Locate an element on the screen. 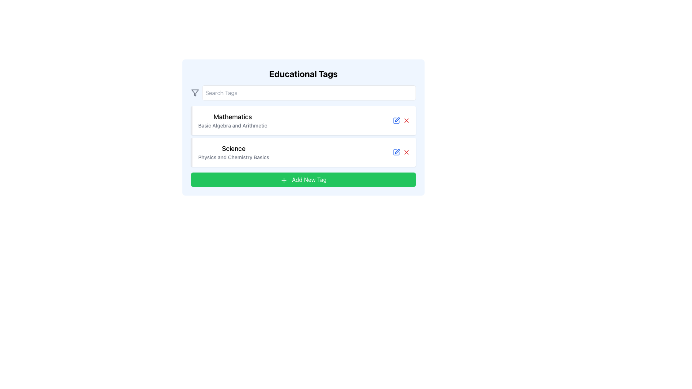 The image size is (692, 389). the filtering icon located in the top-left corner of the interface is located at coordinates (195, 93).